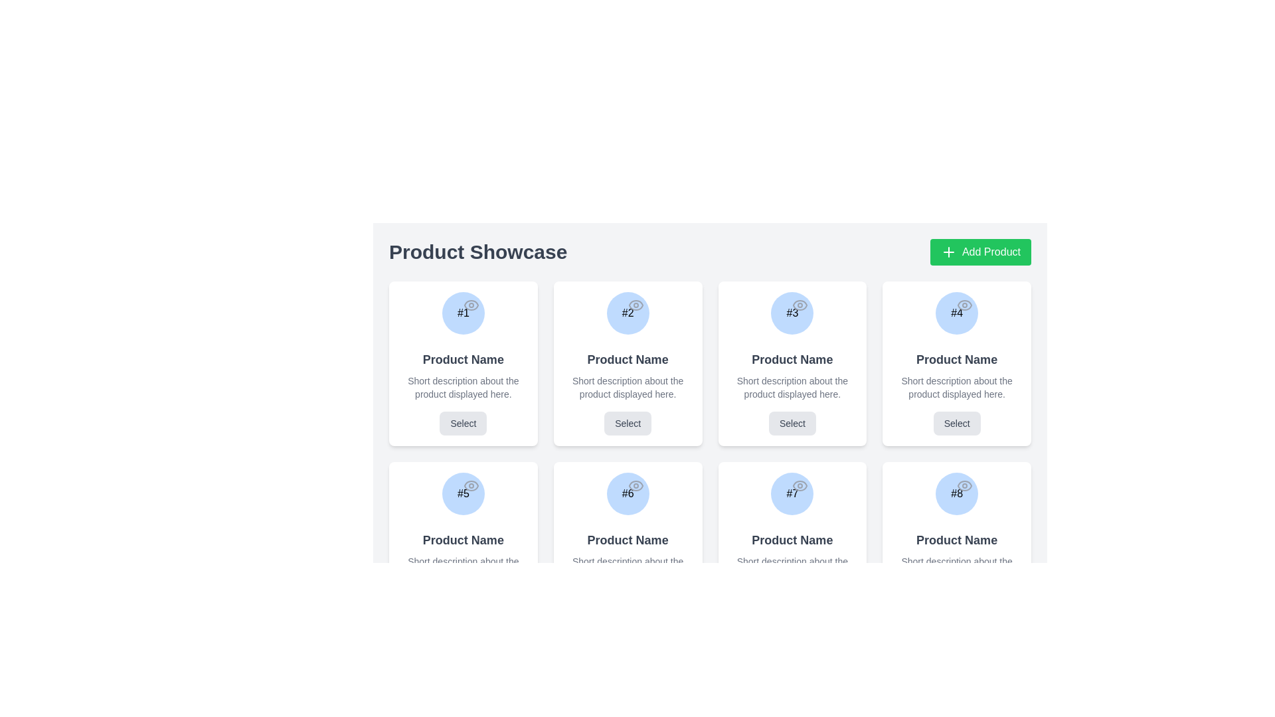 The image size is (1275, 717). I want to click on the 'Product Name' text label displayed in bold font within the fourth card of the grid structure, located in the top-right section of the main content area, so click(957, 360).